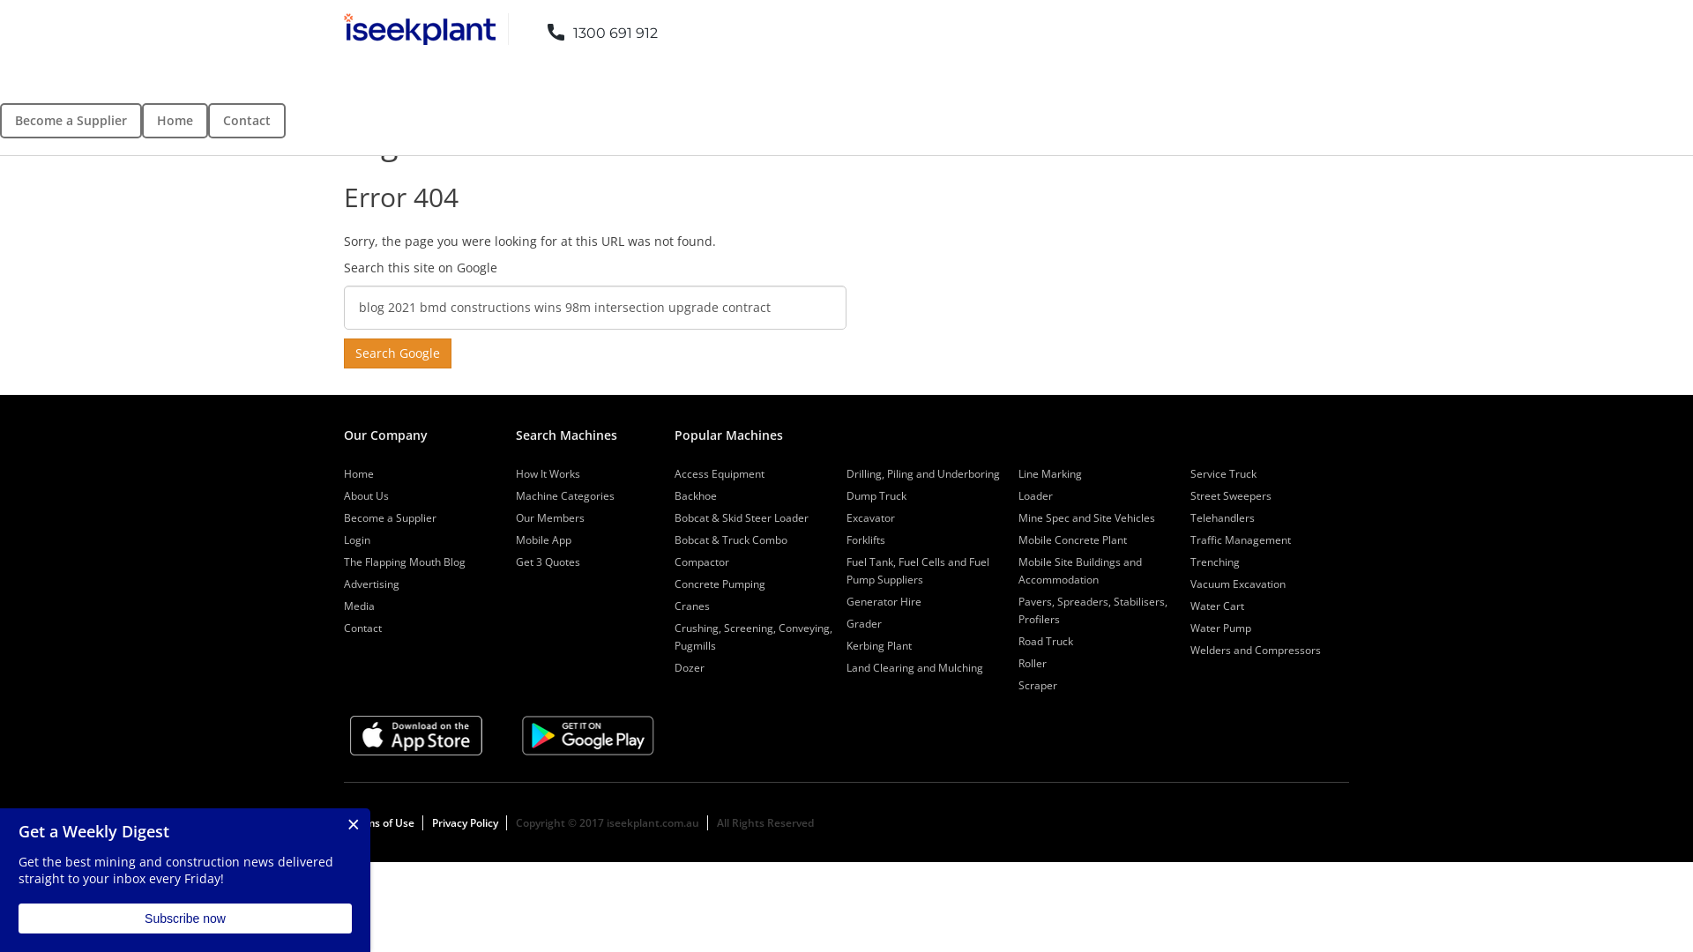 The height and width of the screenshot is (952, 1693). Describe the element at coordinates (753, 636) in the screenshot. I see `'Crushing, Screening, Conveying, Pugmills'` at that location.